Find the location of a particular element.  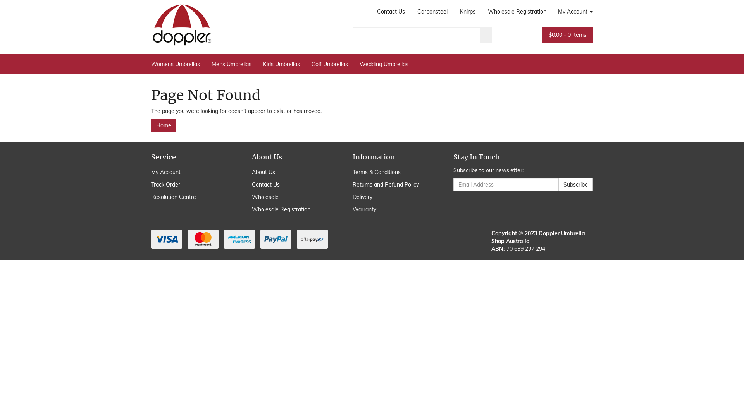

'Wedding Umbrellas' is located at coordinates (384, 63).